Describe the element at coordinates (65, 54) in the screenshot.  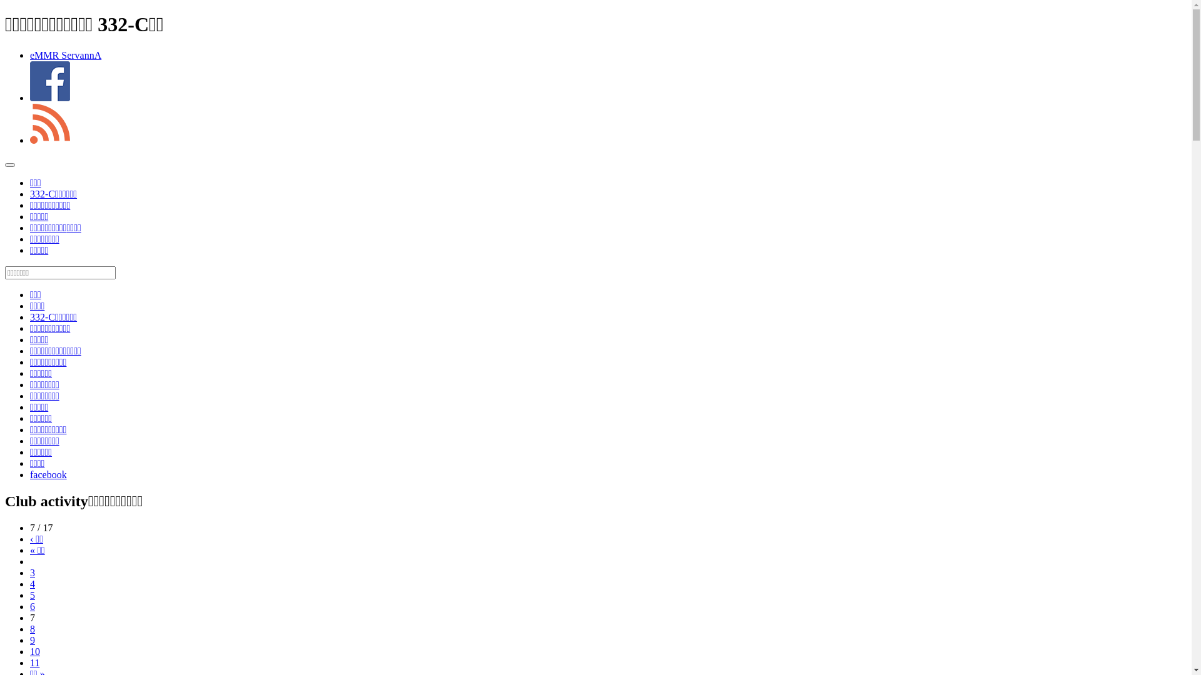
I see `'eMMR ServannA'` at that location.